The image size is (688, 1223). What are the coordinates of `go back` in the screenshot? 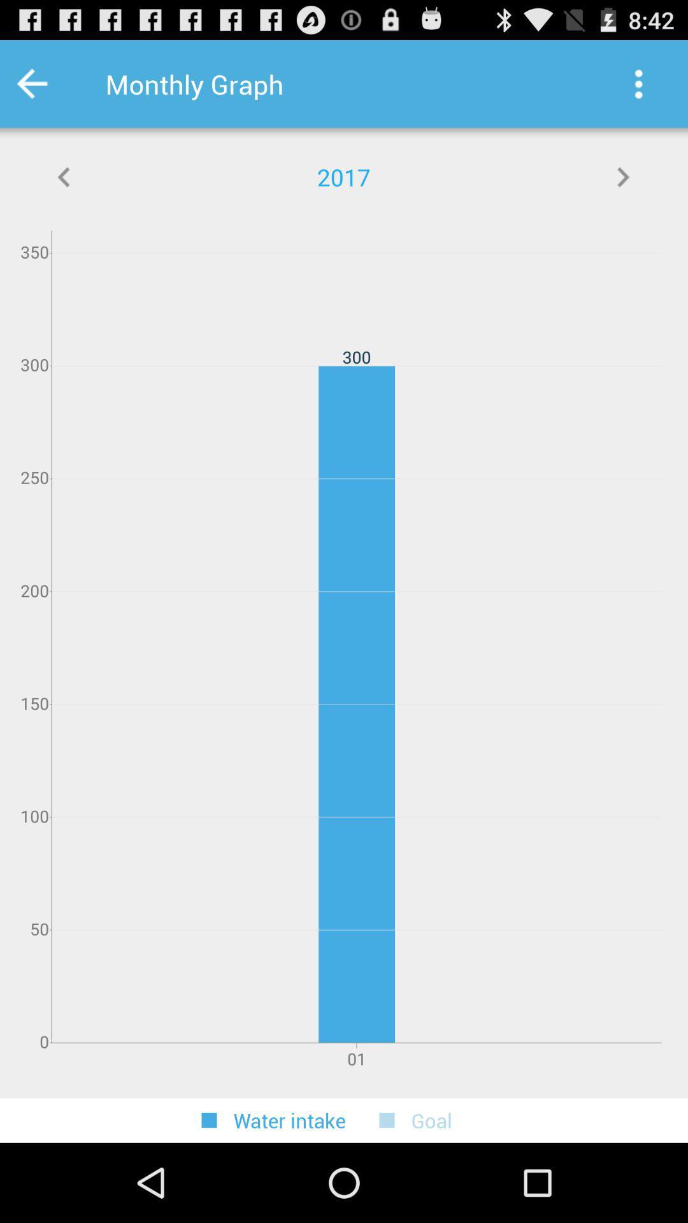 It's located at (64, 176).